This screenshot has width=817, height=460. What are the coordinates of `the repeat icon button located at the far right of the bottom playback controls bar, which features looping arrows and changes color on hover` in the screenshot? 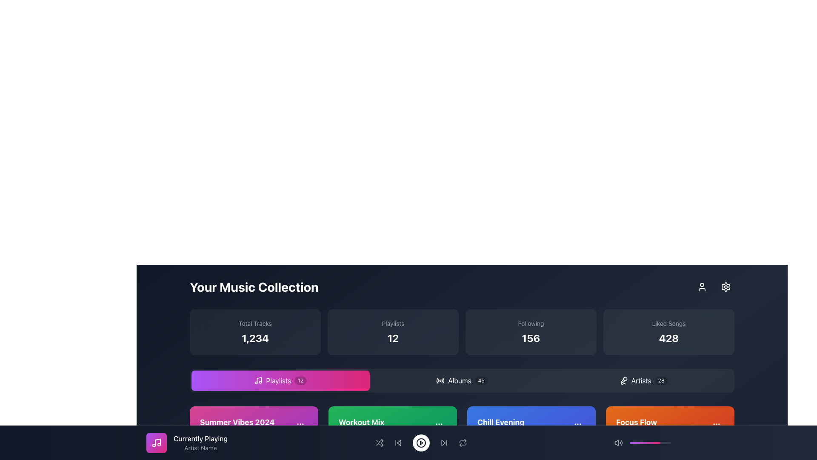 It's located at (462, 443).